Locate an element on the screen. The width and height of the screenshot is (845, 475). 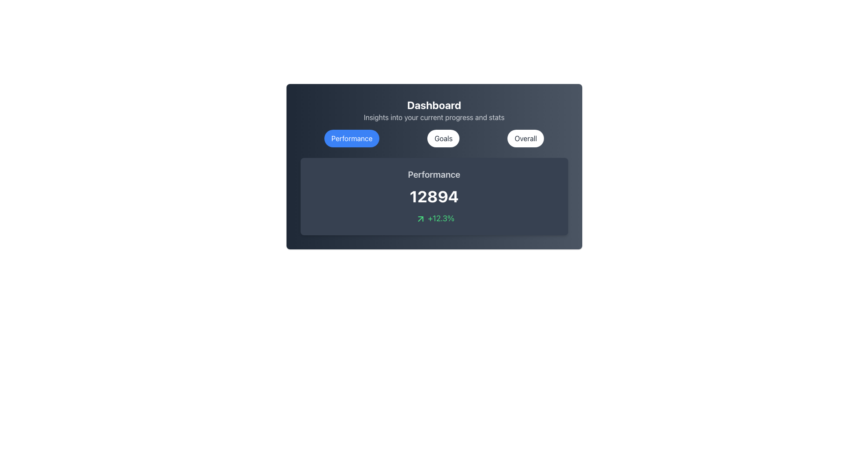
the performance-related button located at the top-center of the interface, which is the first of three horizontally aligned buttons is located at coordinates (351, 139).